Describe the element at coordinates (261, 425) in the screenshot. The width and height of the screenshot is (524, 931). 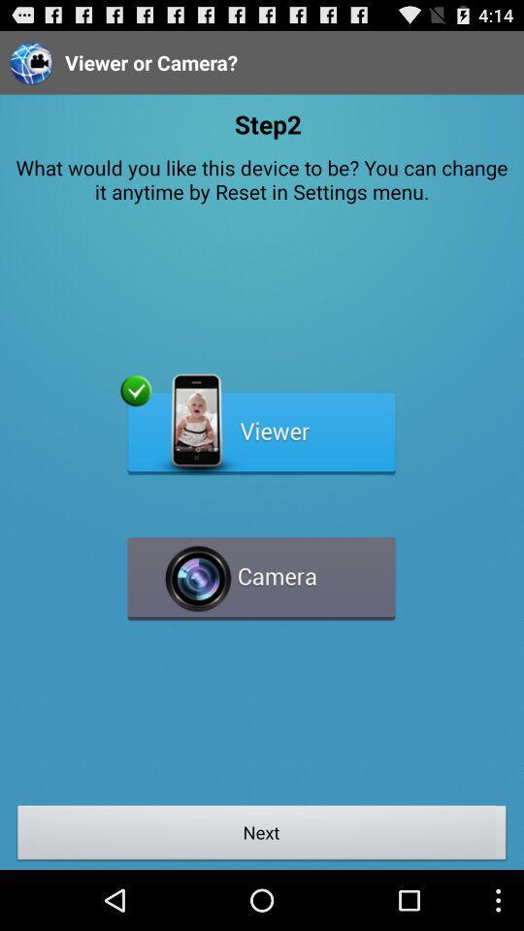
I see `the item below what would you item` at that location.